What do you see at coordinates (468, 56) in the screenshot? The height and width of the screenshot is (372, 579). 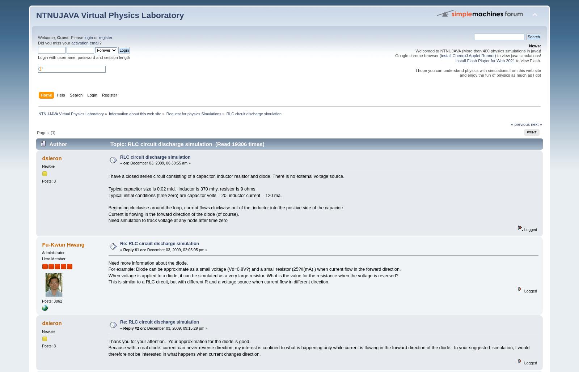 I see `'install CheerpJ Applet Runner)'` at bounding box center [468, 56].